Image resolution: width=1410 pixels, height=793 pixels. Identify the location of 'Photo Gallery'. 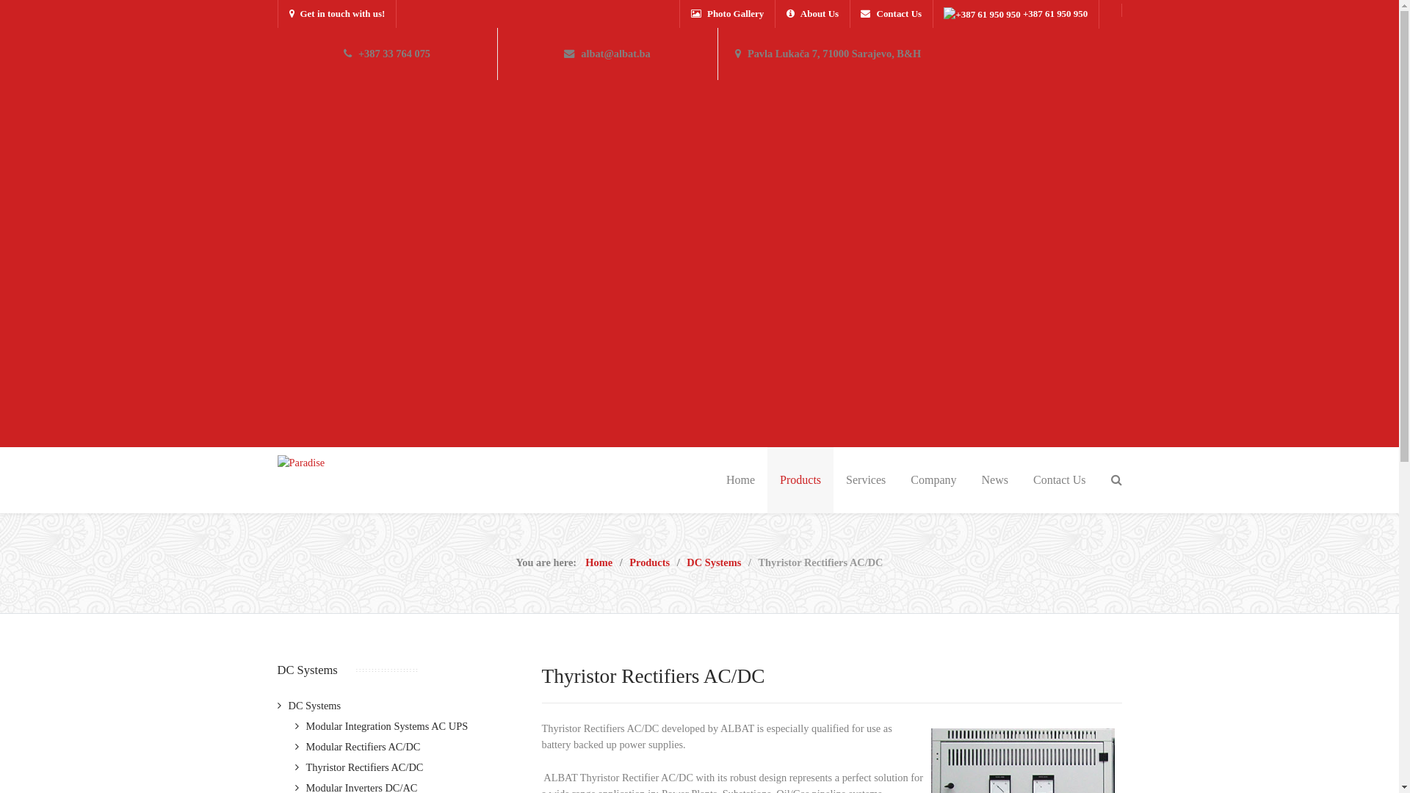
(679, 14).